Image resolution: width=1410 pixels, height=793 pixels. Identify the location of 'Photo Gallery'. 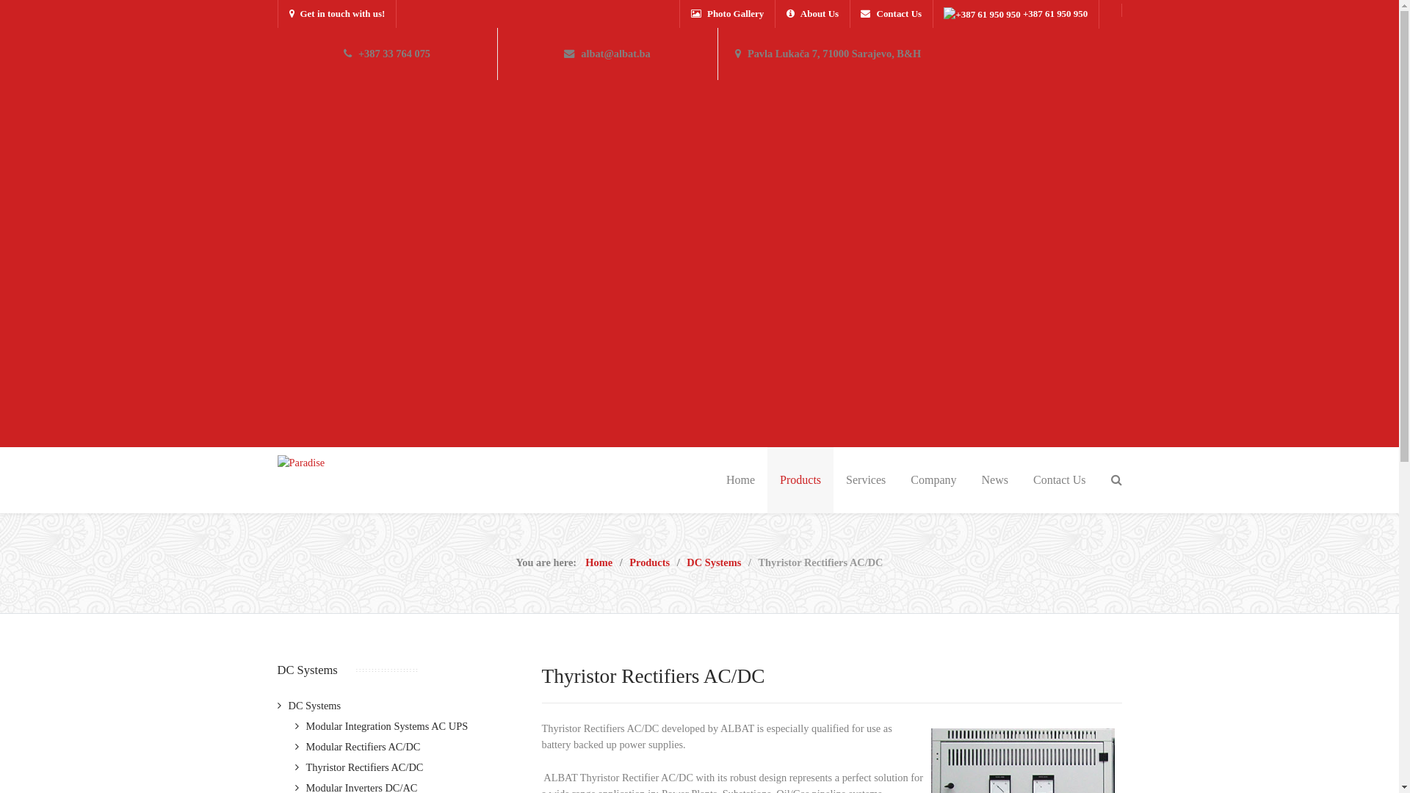
(679, 14).